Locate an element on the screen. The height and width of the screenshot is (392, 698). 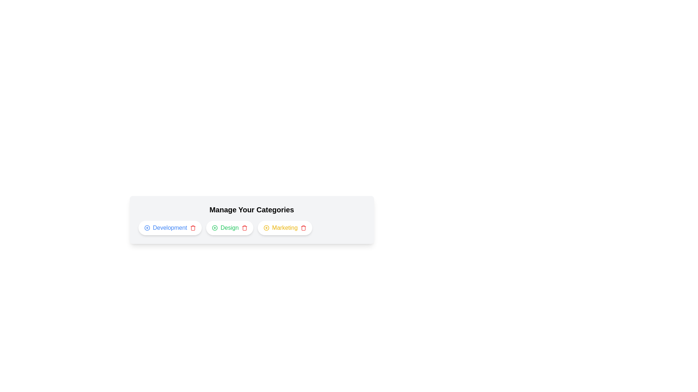
the category Marketing to highlight it is located at coordinates (284, 228).